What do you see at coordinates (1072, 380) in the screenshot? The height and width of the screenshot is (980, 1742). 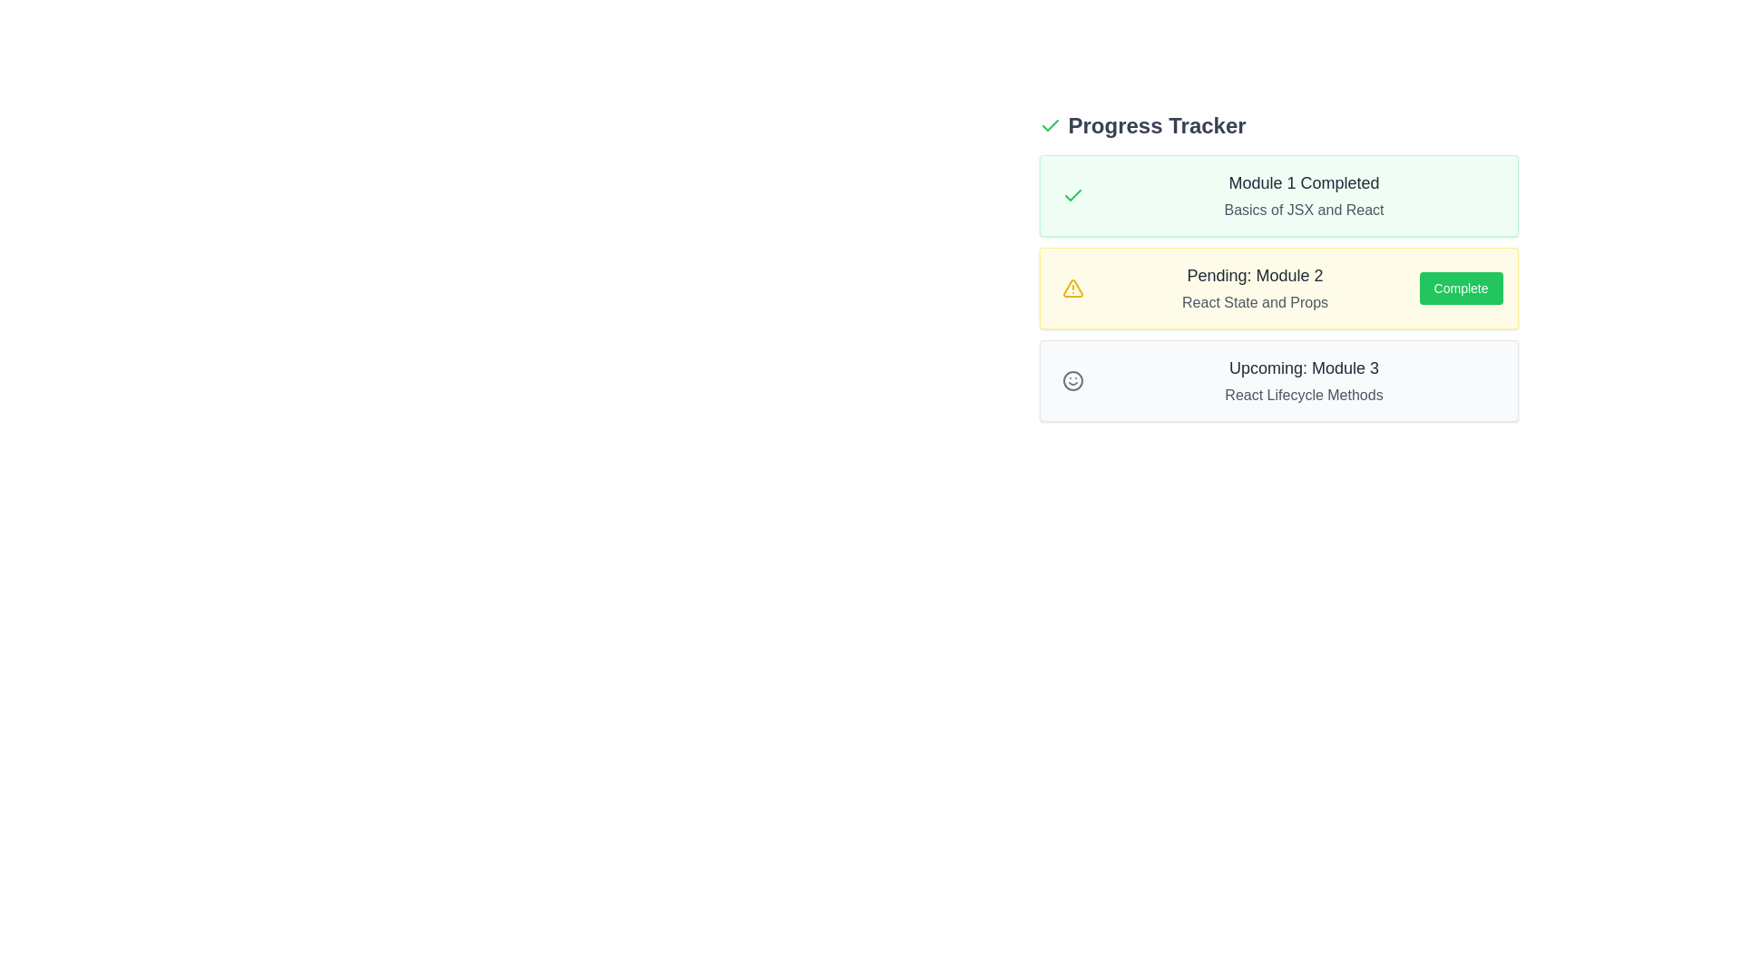 I see `the iconic circular element within the 'Upcoming: Module 3 React Lifecycle Methods' module, which is a decorative glyph indicating a certain state or attribute` at bounding box center [1072, 380].